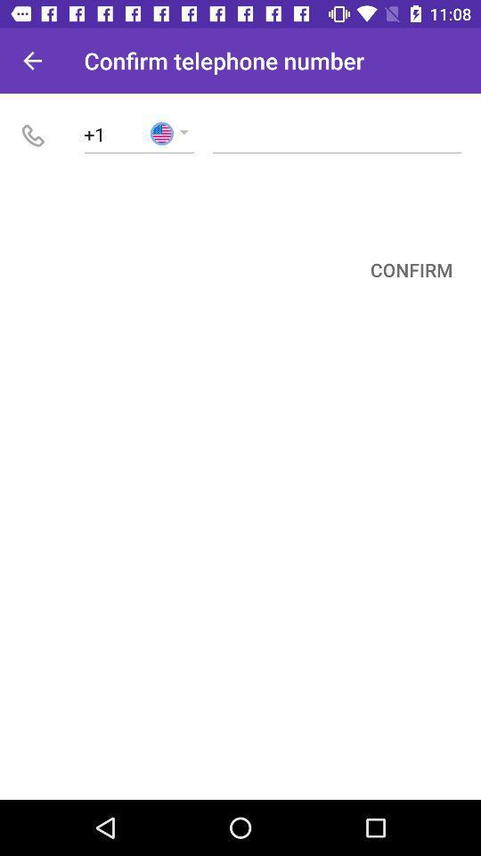  I want to click on telephone number, so click(337, 133).